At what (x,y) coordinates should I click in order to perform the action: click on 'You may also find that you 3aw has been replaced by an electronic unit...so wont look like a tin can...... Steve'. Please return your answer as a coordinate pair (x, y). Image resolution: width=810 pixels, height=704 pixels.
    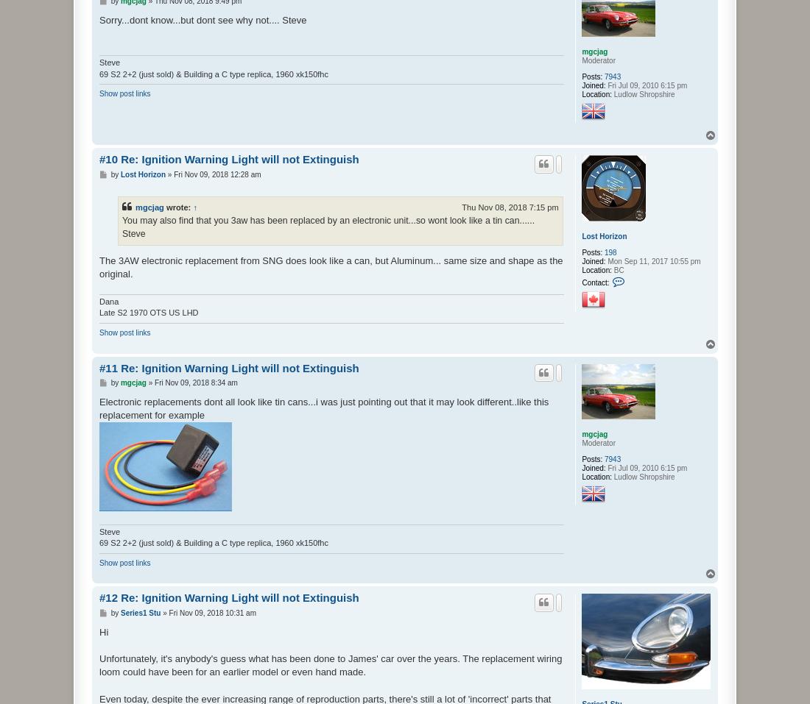
    Looking at the image, I should click on (328, 227).